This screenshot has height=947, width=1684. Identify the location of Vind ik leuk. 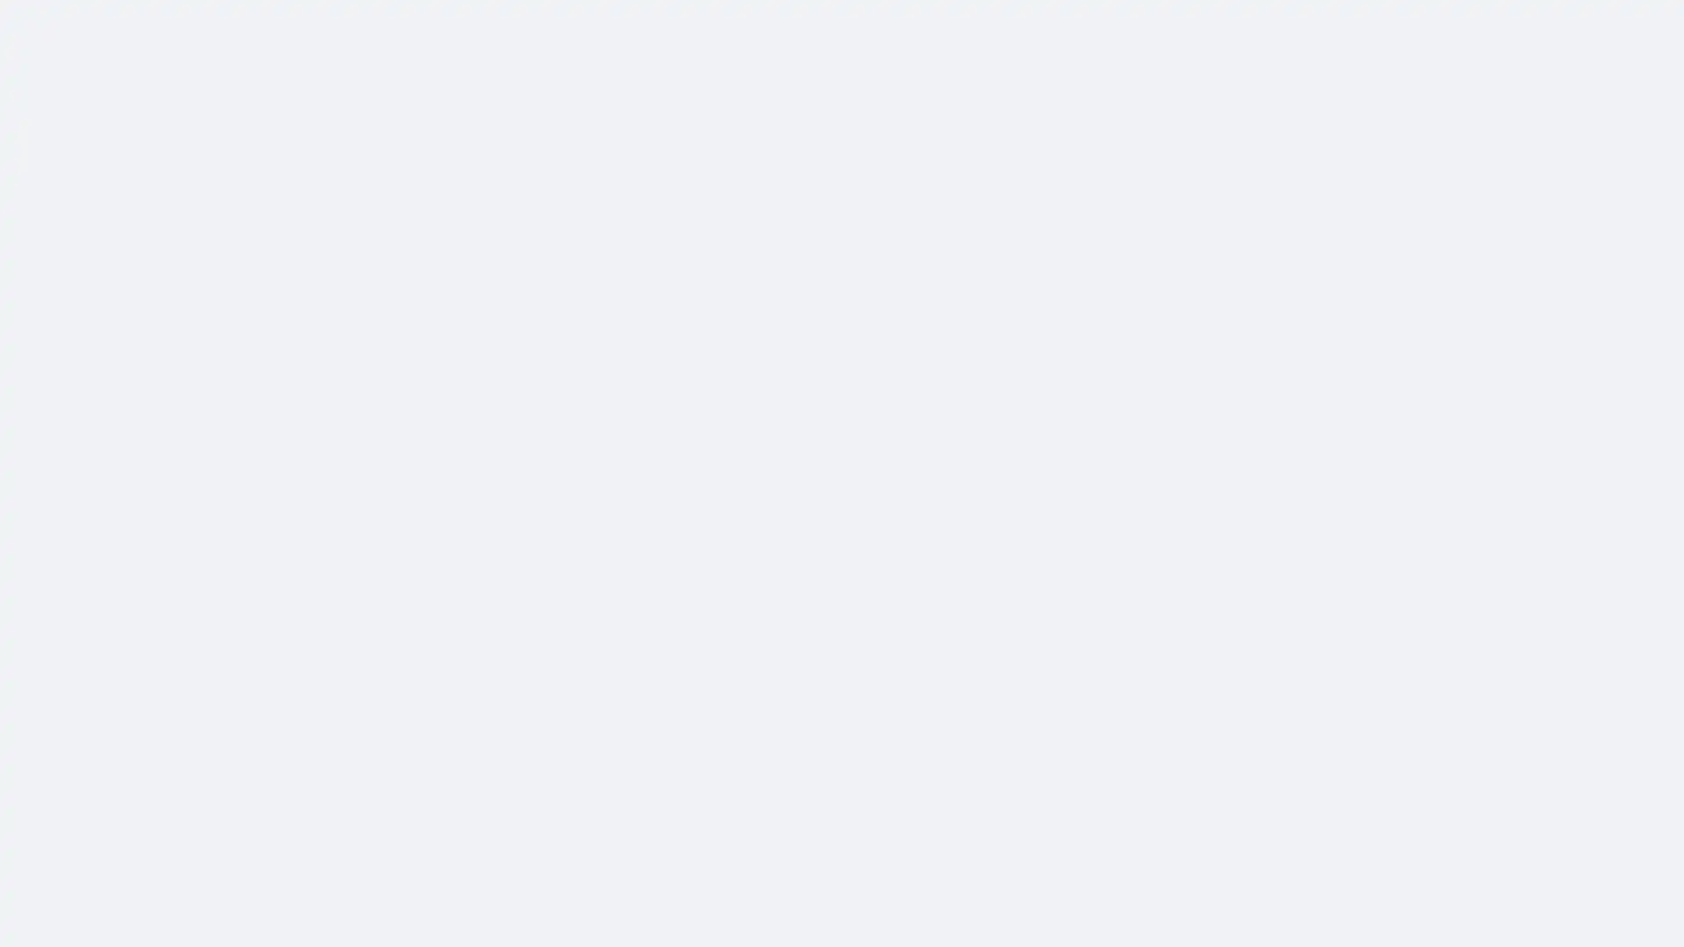
(868, 819).